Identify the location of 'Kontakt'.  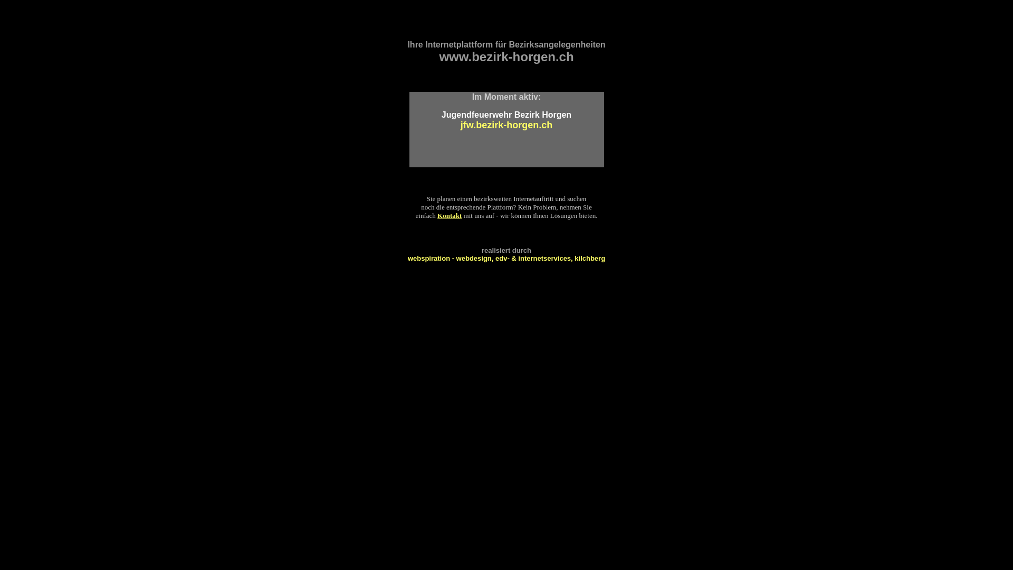
(449, 215).